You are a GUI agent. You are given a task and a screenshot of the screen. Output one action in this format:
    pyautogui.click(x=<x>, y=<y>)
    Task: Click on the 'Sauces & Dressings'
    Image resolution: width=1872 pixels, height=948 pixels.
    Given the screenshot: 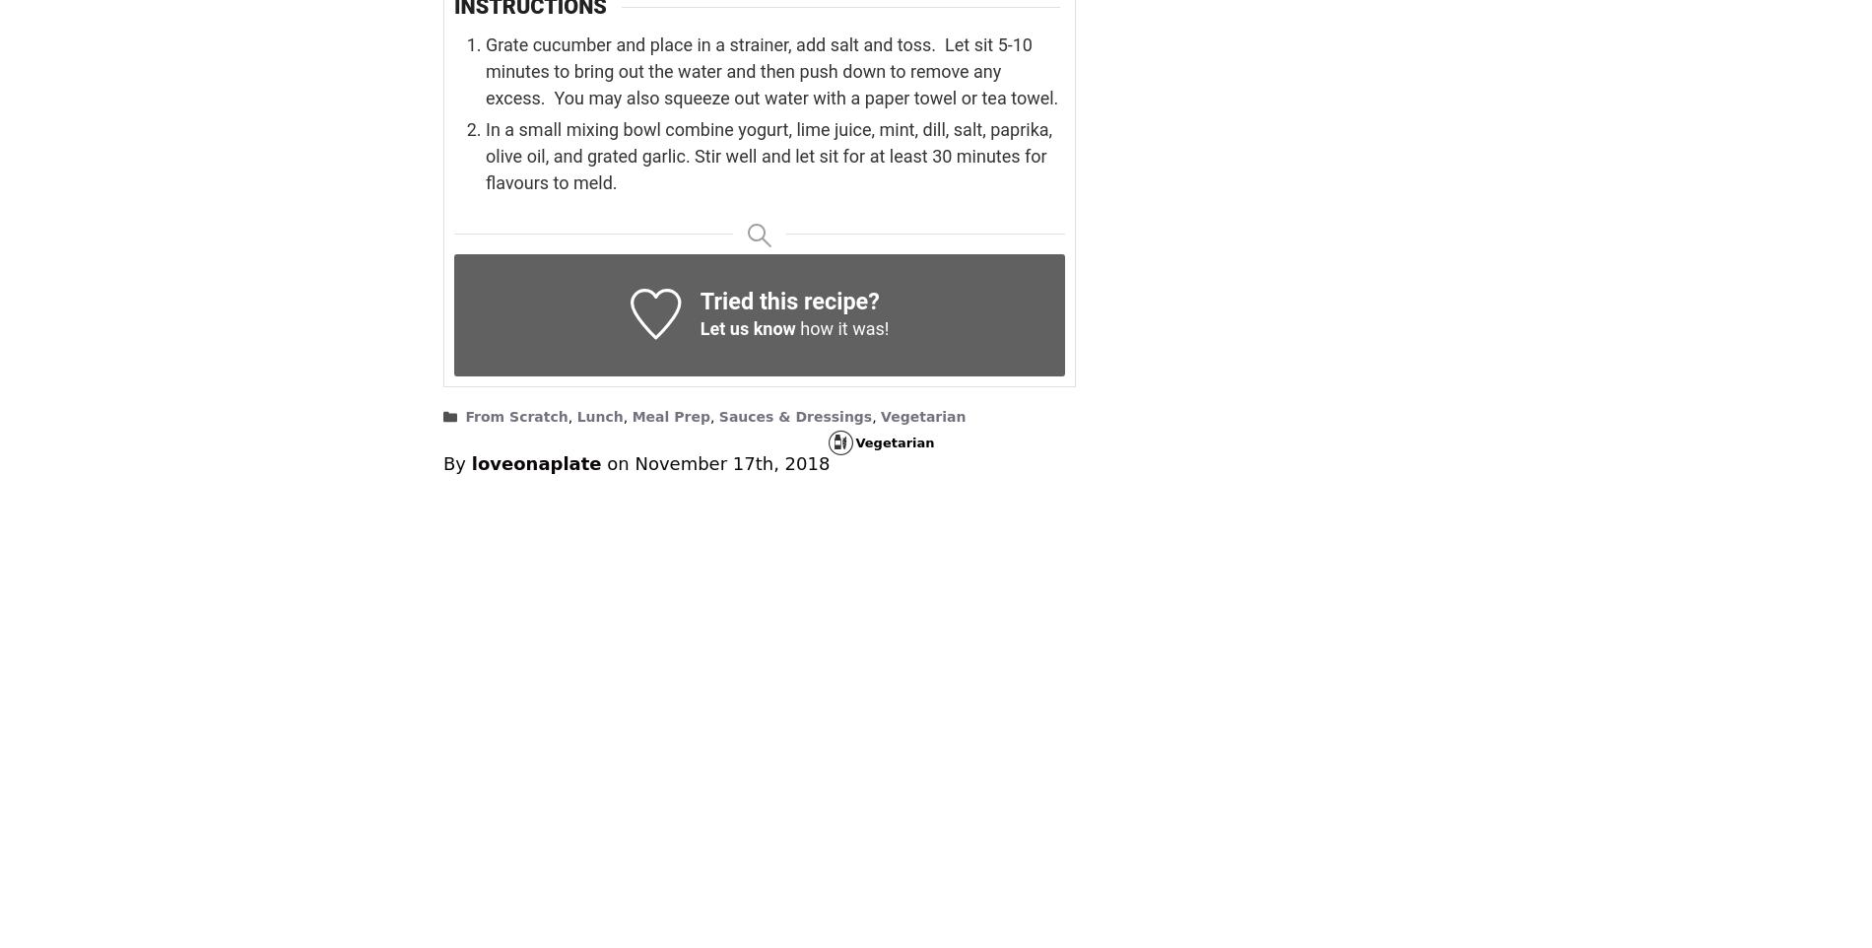 What is the action you would take?
    pyautogui.click(x=793, y=415)
    